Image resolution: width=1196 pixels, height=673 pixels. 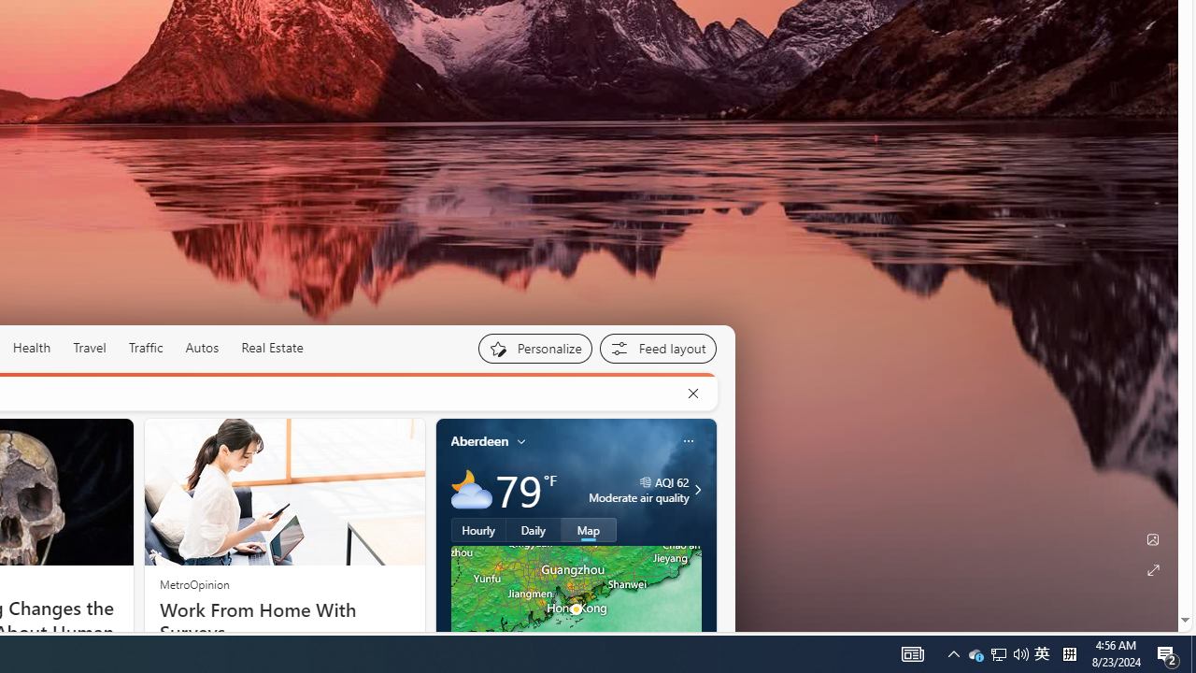 I want to click on 'Personalize your feed"', so click(x=534, y=348).